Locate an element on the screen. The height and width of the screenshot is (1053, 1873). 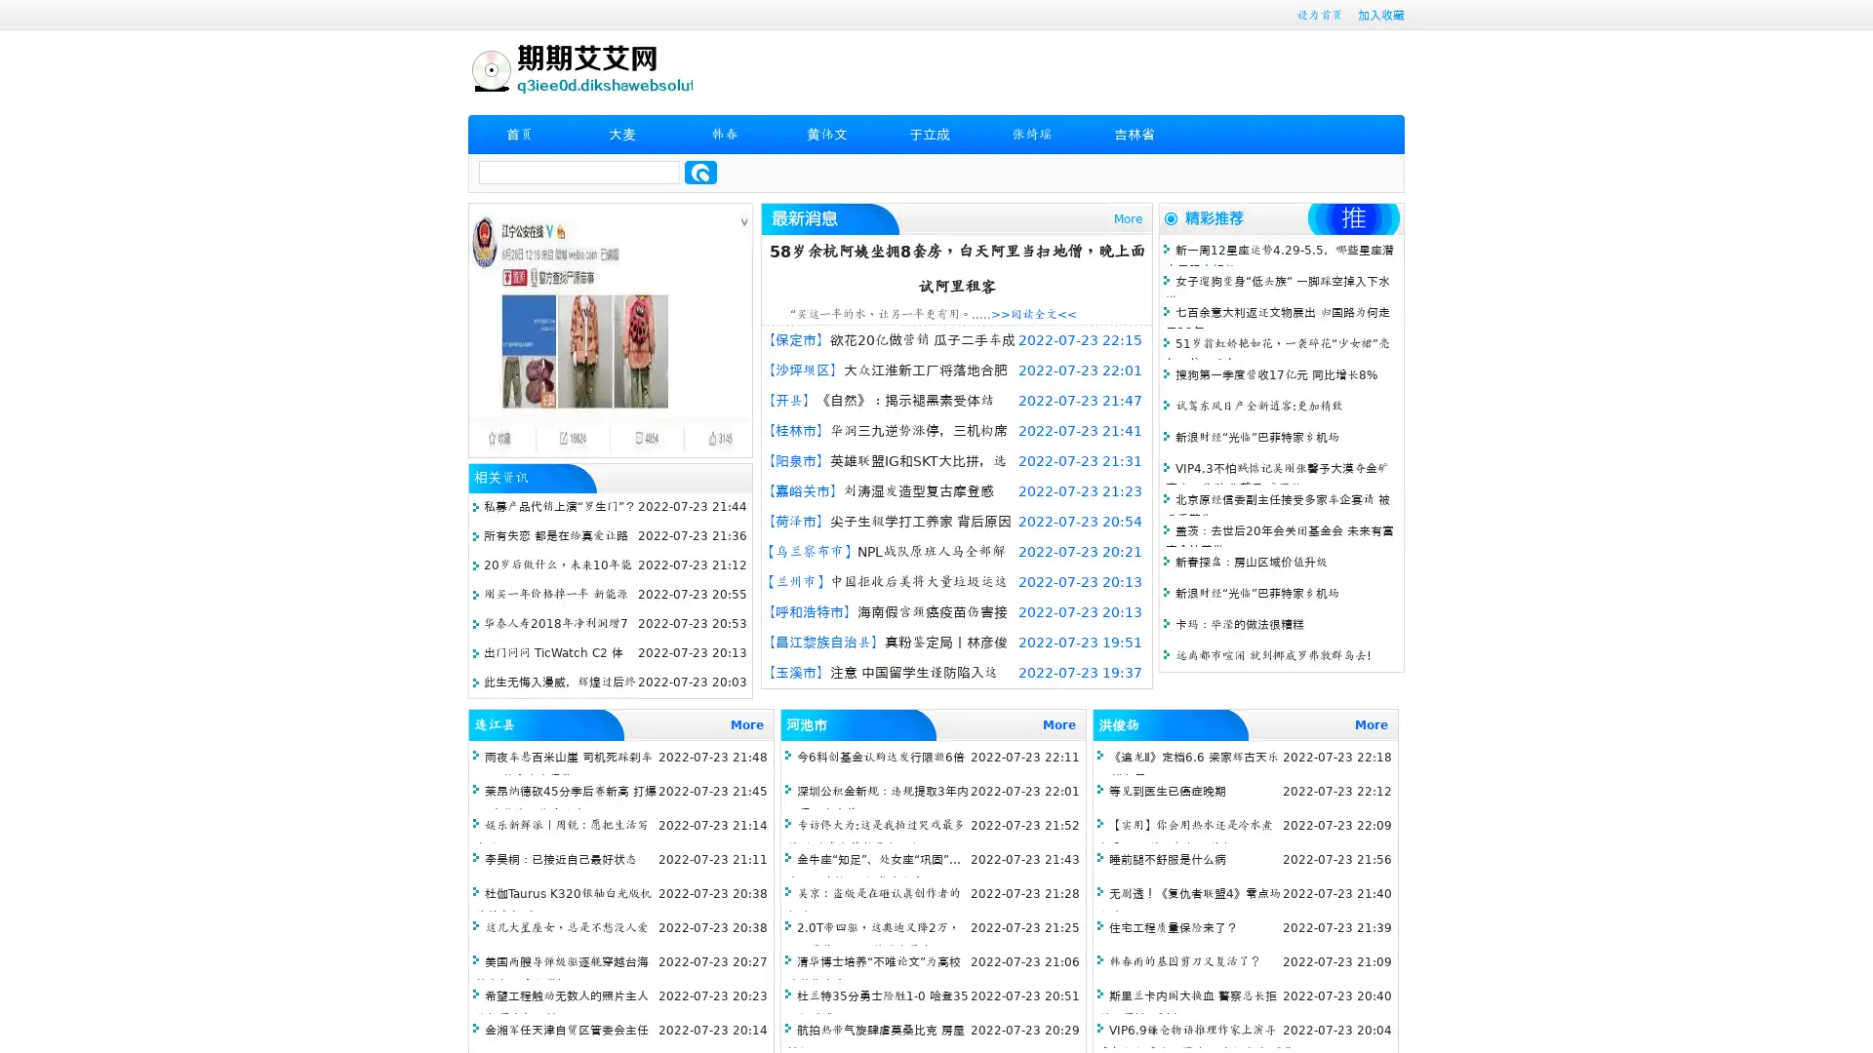
Search is located at coordinates (700, 172).